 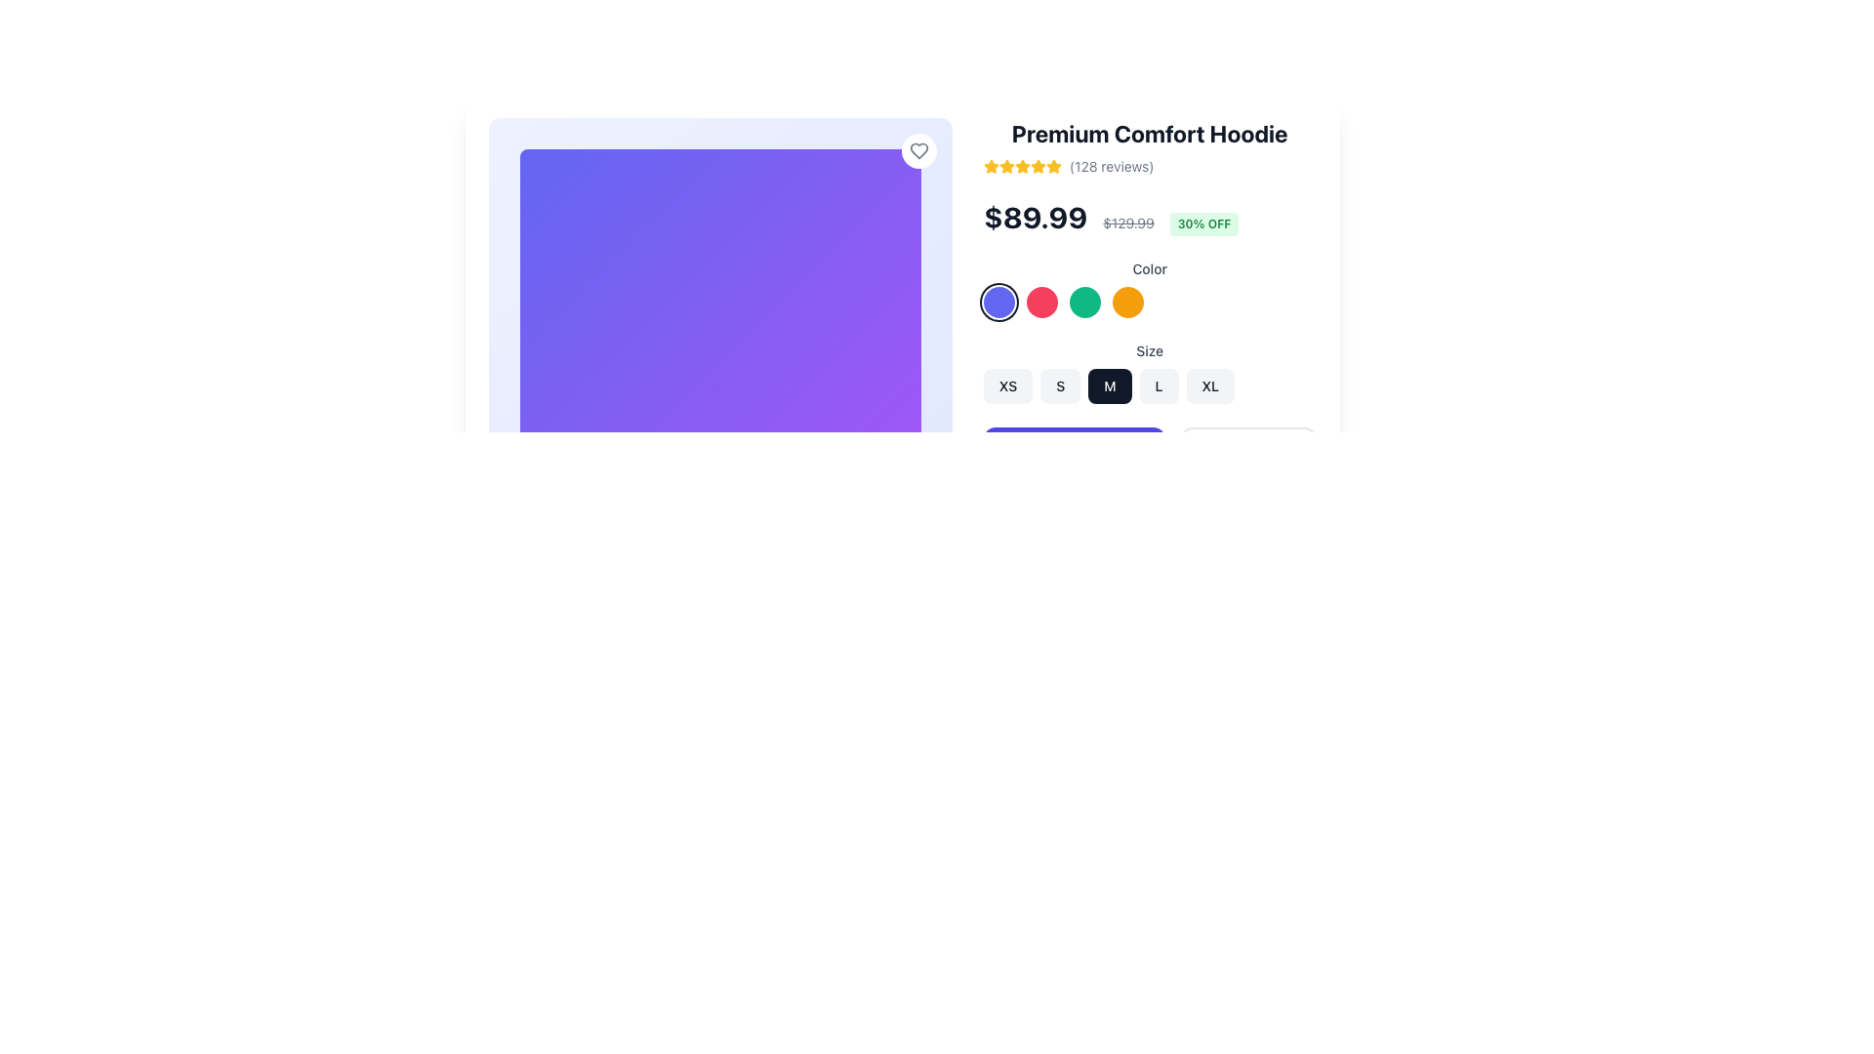 I want to click on price details displayed in the Text label group located beneath the title 'Premium Comfort Hoodie', positioned on the top-right section of the page above the color selection options, so click(x=1150, y=218).